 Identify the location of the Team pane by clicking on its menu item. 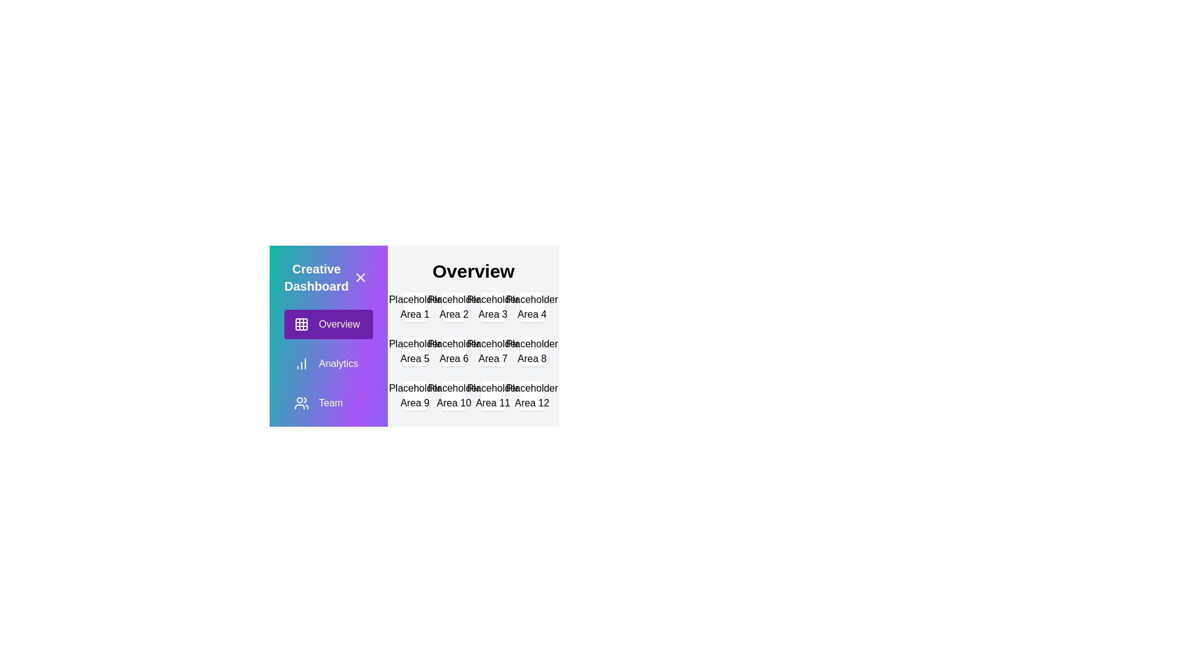
(328, 403).